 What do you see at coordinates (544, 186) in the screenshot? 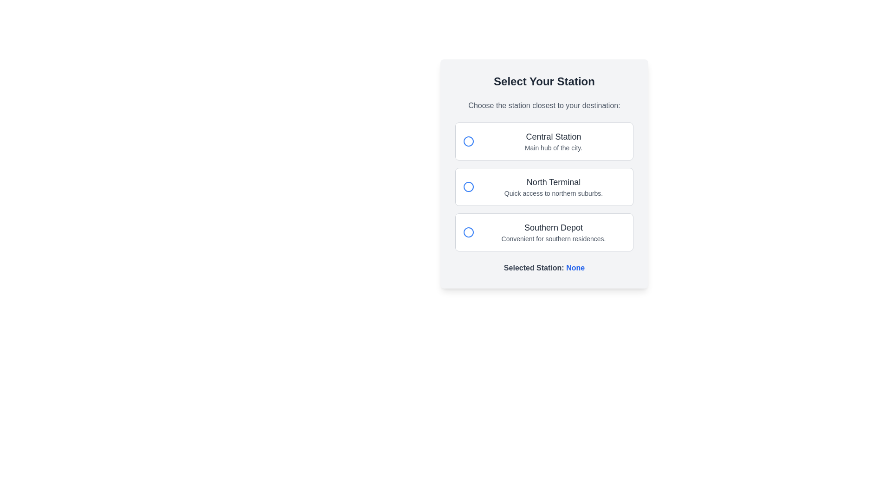
I see `the menu for station selection, which is centrally located within the 'Select Your Station' card` at bounding box center [544, 186].